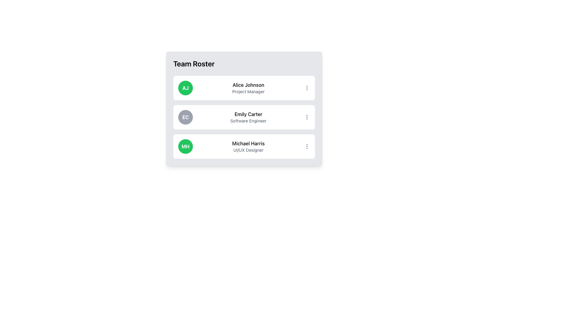 This screenshot has height=329, width=586. What do you see at coordinates (244, 147) in the screenshot?
I see `the Profile card for 'Michael Harris', which features a circular green icon with the initials 'MH', bold text 'Michael Harris', and smaller text 'UI/UX Designer'. This card is the third in a vertical list within a team roster interface` at bounding box center [244, 147].